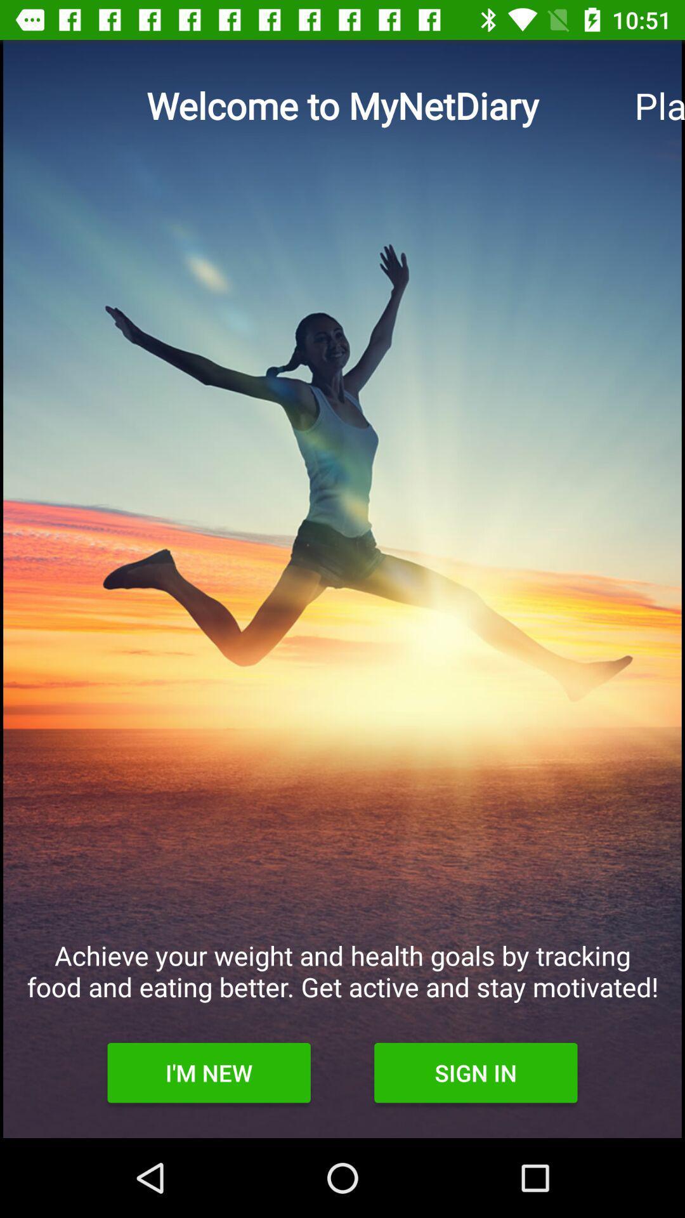 The height and width of the screenshot is (1218, 685). Describe the element at coordinates (476, 1072) in the screenshot. I see `the item to the right of the i'm new item` at that location.